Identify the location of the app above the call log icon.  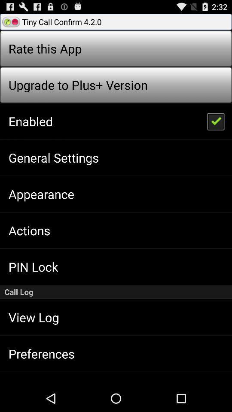
(215, 121).